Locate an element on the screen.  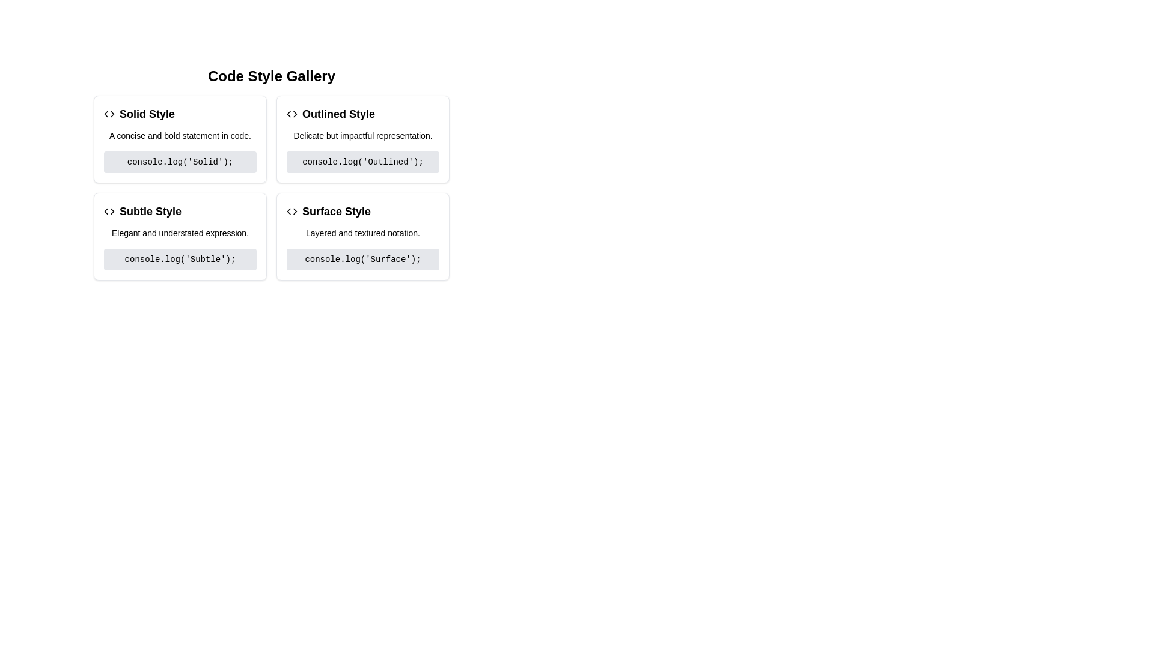
the left-pointing arrow icon, which is styled with simplicity and outlined strokes, located in the 'Outlined Style' section of the interface is located at coordinates (288, 114).